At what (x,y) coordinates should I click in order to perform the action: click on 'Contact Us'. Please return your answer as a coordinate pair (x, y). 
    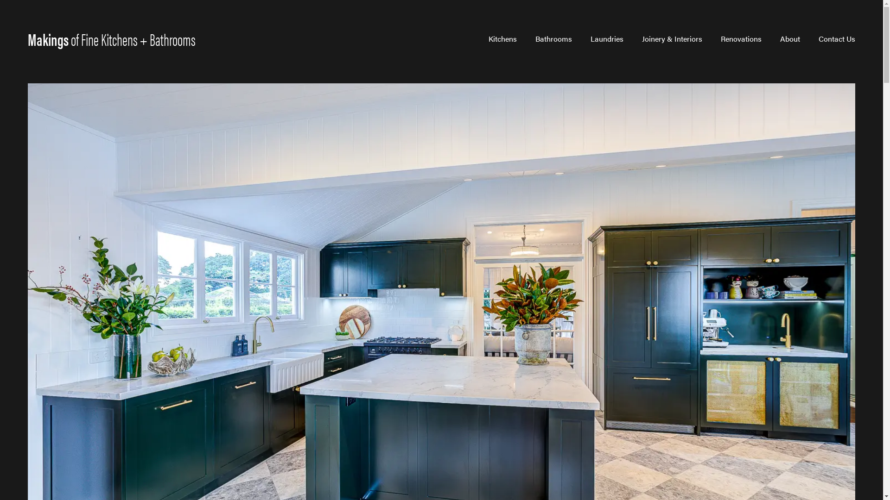
    Looking at the image, I should click on (837, 38).